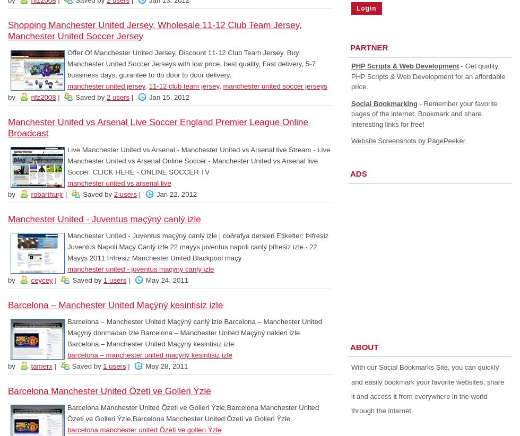 Image resolution: width=520 pixels, height=436 pixels. Describe the element at coordinates (41, 365) in the screenshot. I see `'tamerx'` at that location.